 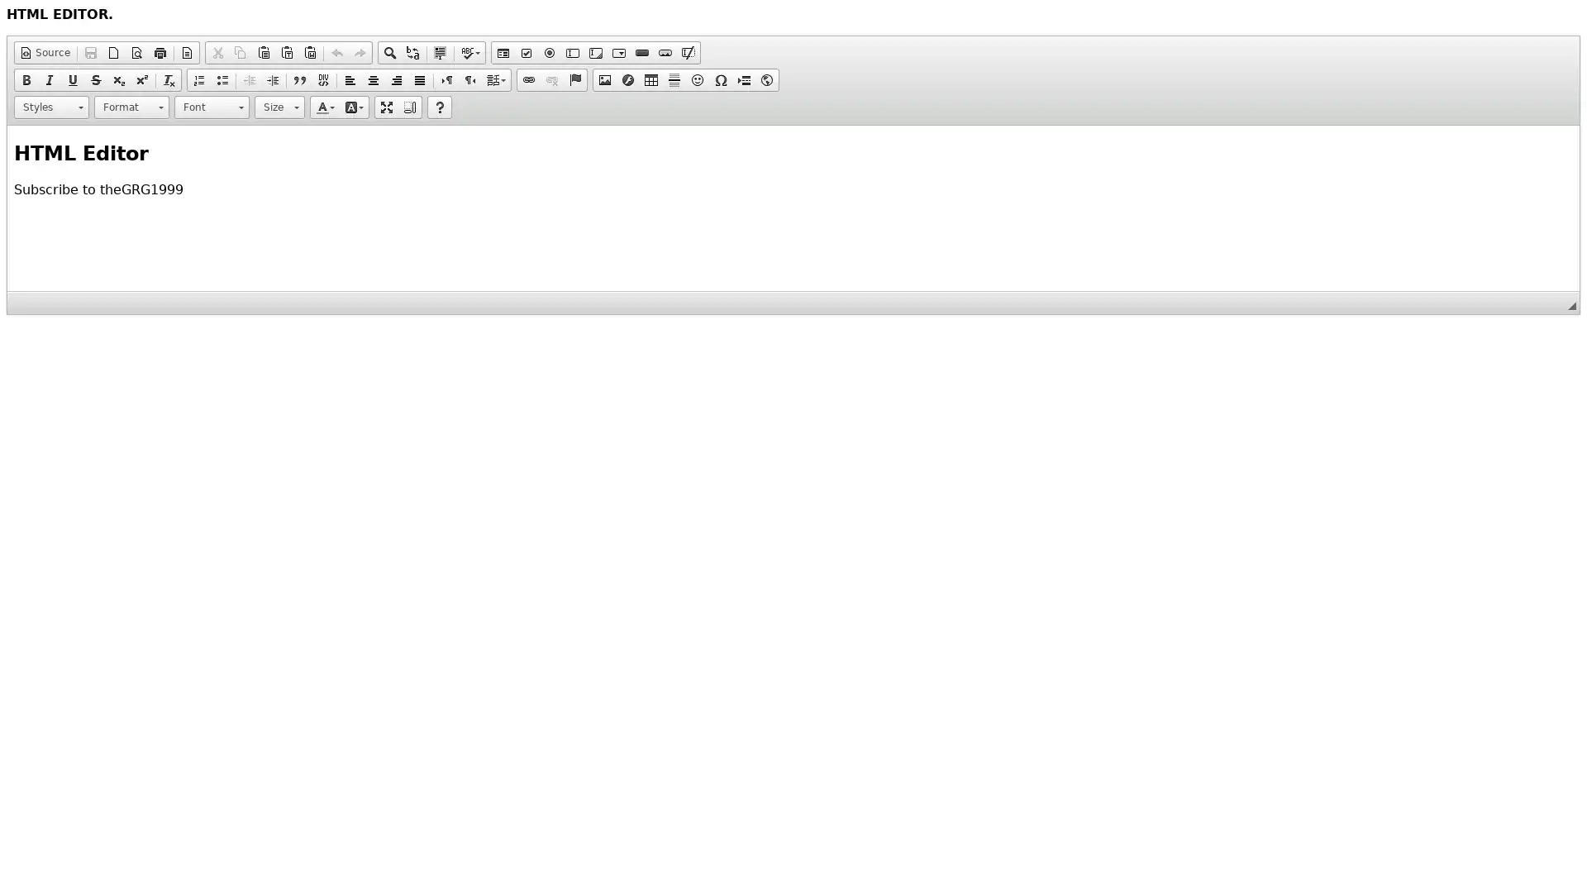 I want to click on Textarea, so click(x=595, y=52).